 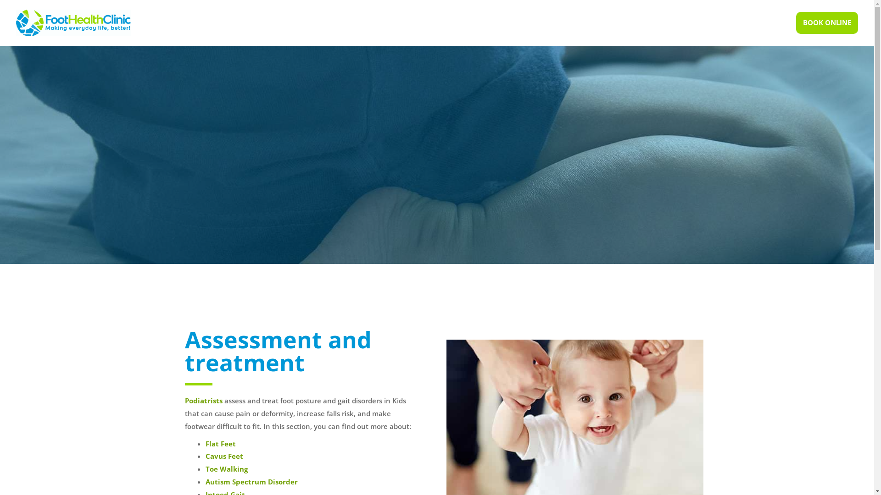 What do you see at coordinates (251, 481) in the screenshot?
I see `'Autism Spectrum Disorder'` at bounding box center [251, 481].